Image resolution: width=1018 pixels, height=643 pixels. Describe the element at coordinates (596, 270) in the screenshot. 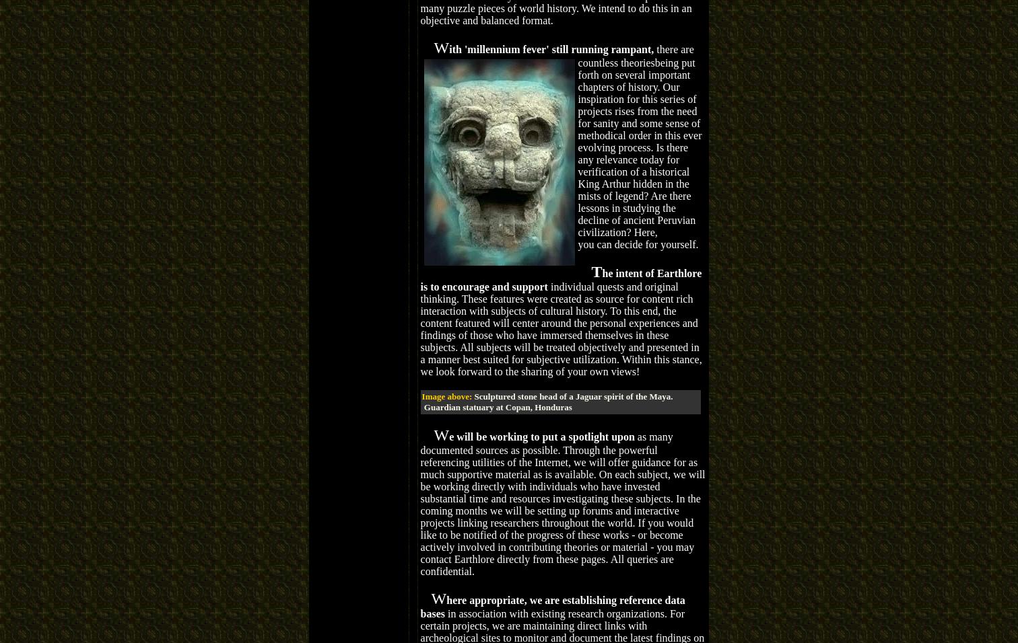

I see `'T'` at that location.